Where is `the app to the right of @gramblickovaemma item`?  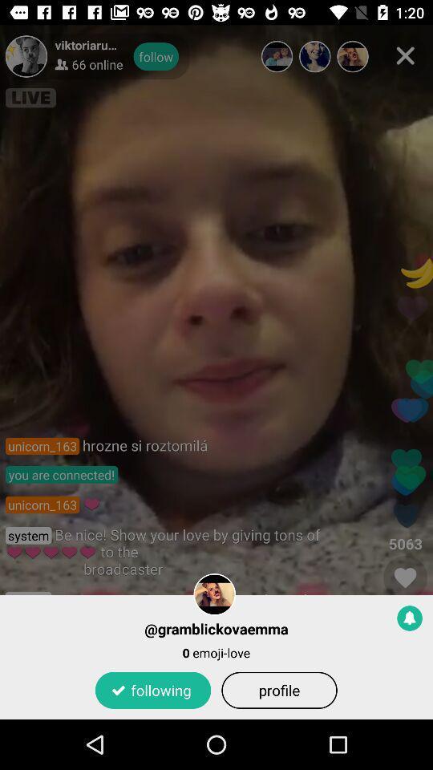 the app to the right of @gramblickovaemma item is located at coordinates (410, 617).